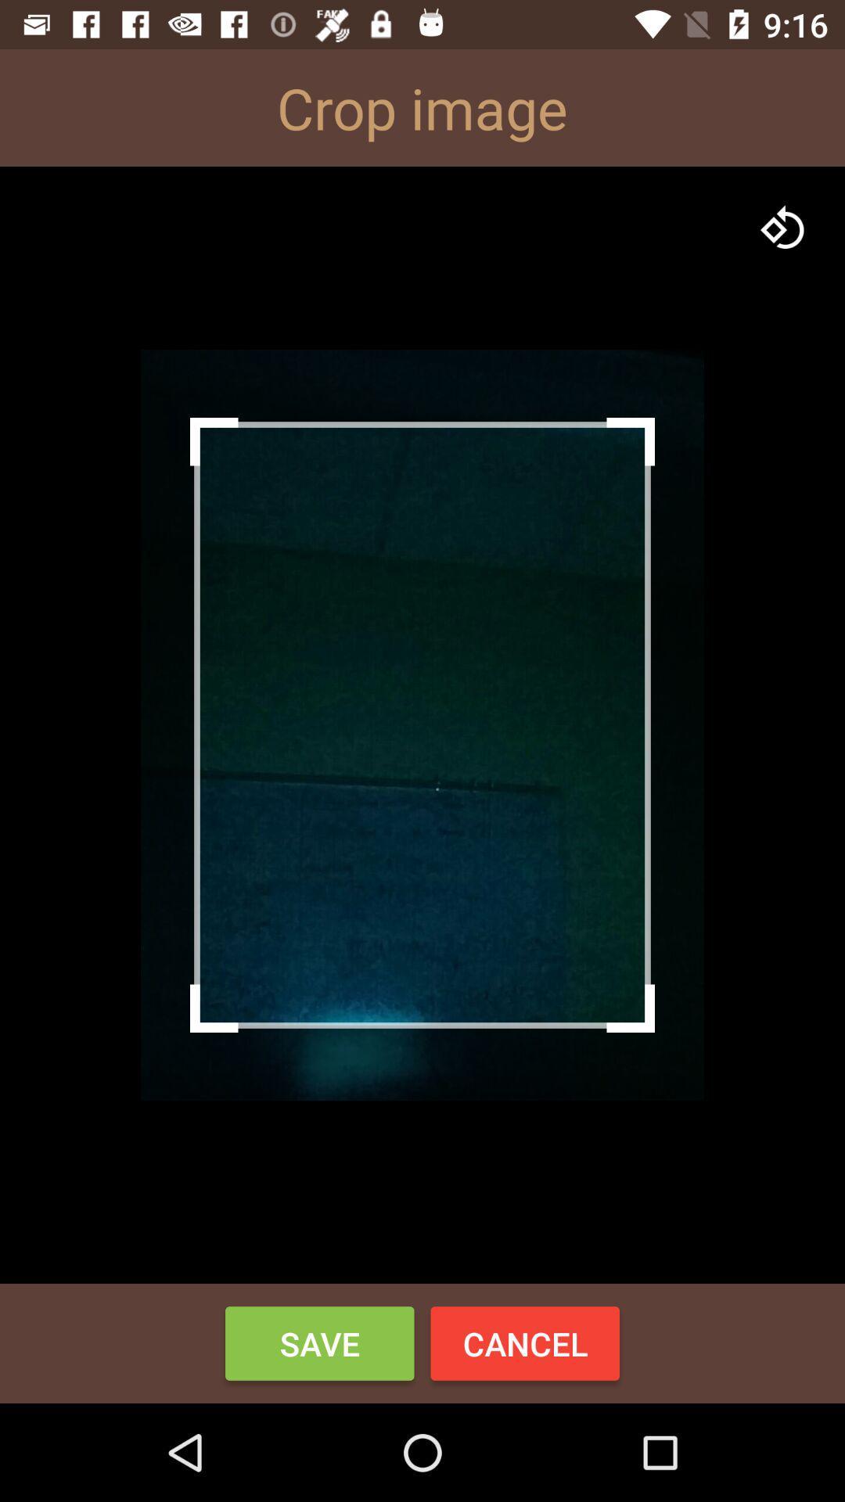  What do you see at coordinates (525, 1342) in the screenshot?
I see `button next to save button` at bounding box center [525, 1342].